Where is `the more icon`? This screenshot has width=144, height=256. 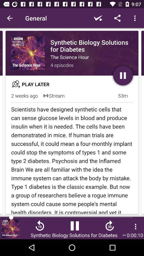 the more icon is located at coordinates (135, 226).